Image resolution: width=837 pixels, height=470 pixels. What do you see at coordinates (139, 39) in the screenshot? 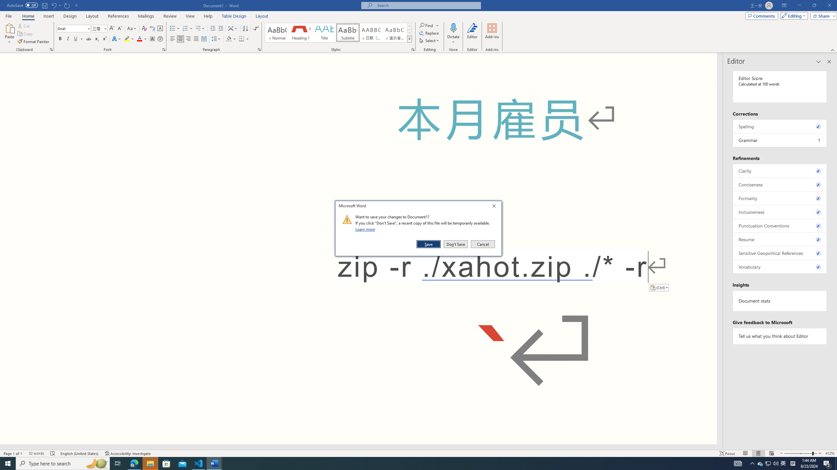
I see `'Font Color Red'` at bounding box center [139, 39].